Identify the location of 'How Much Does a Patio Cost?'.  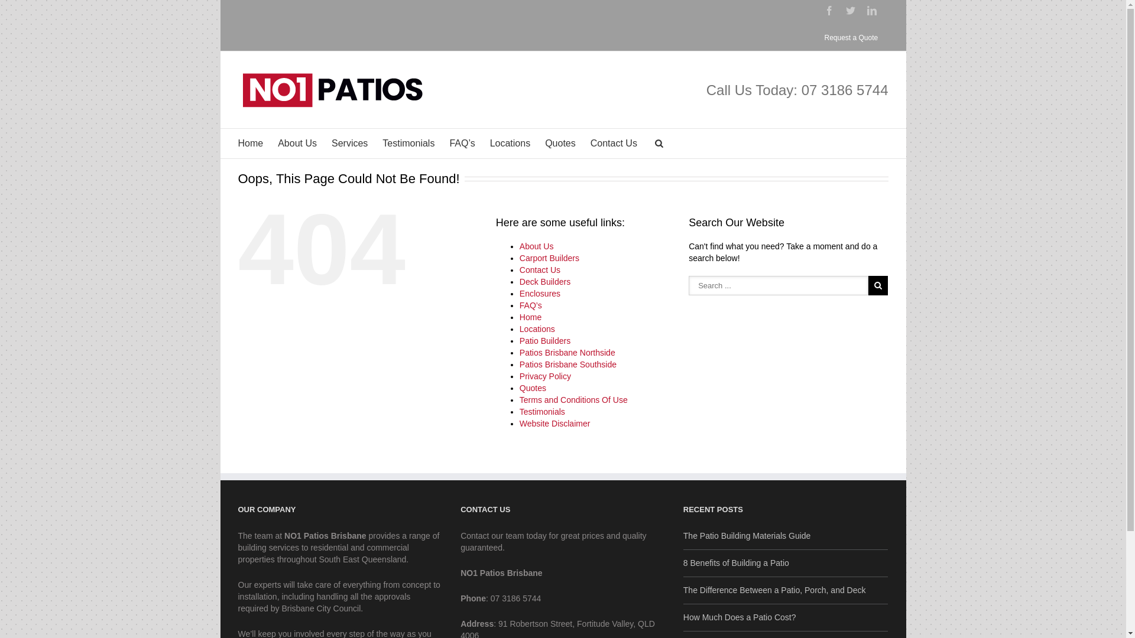
(786, 613).